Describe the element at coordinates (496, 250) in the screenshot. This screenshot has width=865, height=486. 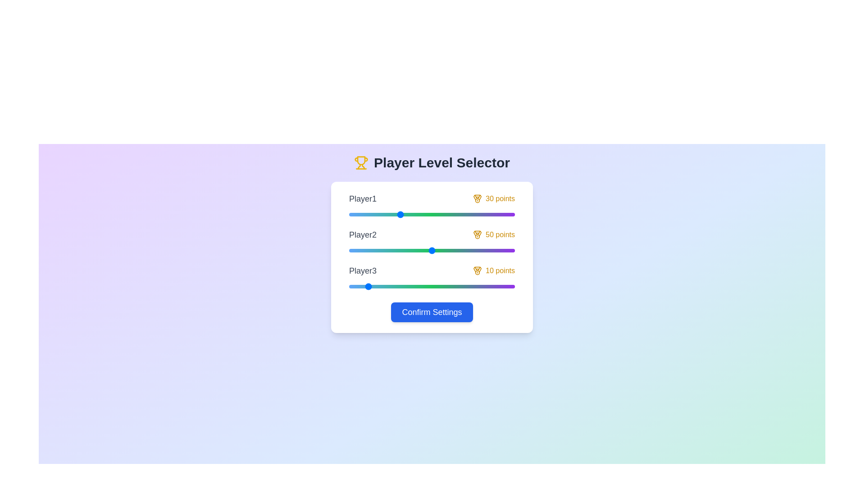
I see `the Player2 slider to set their level to 89` at that location.